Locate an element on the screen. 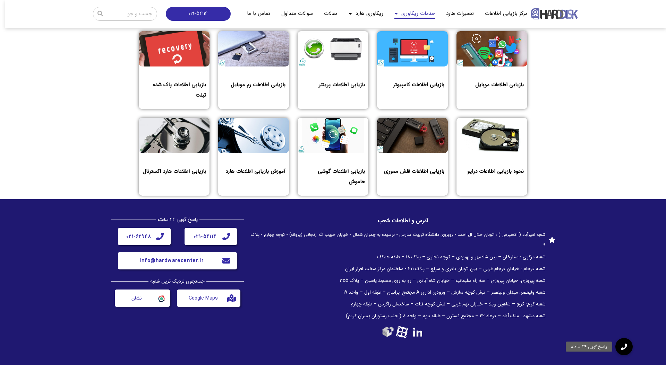 Image resolution: width=666 pixels, height=374 pixels. '021-54114' is located at coordinates (198, 14).